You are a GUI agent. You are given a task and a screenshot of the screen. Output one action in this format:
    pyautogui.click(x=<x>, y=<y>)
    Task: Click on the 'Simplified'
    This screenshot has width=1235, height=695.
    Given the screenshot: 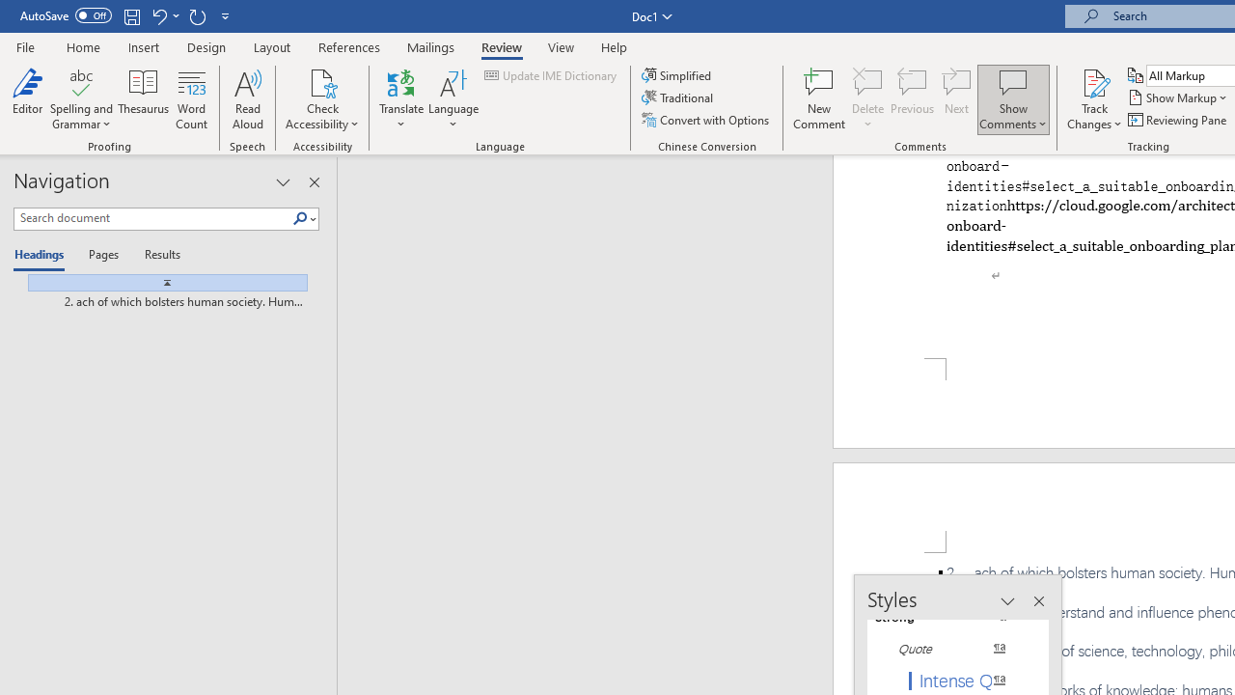 What is the action you would take?
    pyautogui.click(x=677, y=74)
    